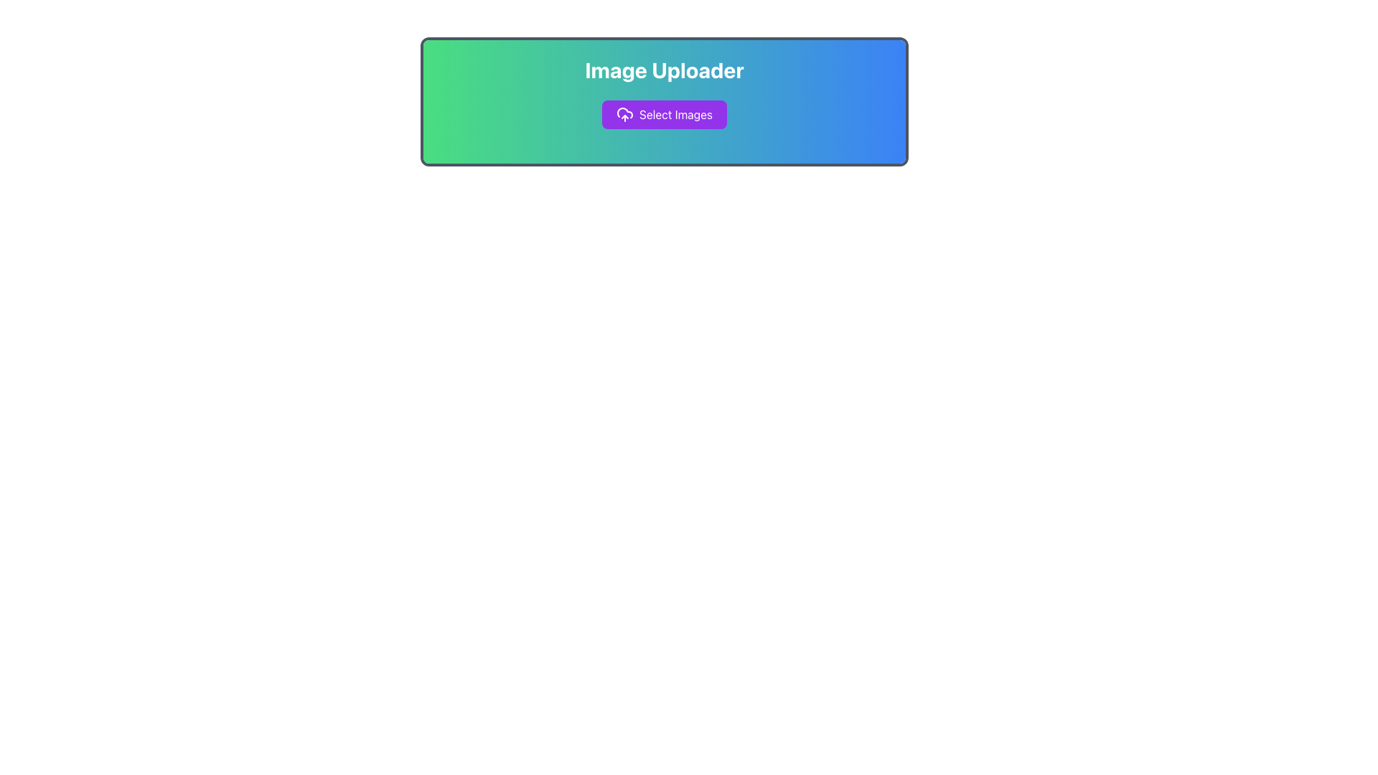 The width and height of the screenshot is (1378, 775). What do you see at coordinates (624, 113) in the screenshot?
I see `the icon positioned to the left of the 'Select Images' text inside the prominent purple button` at bounding box center [624, 113].